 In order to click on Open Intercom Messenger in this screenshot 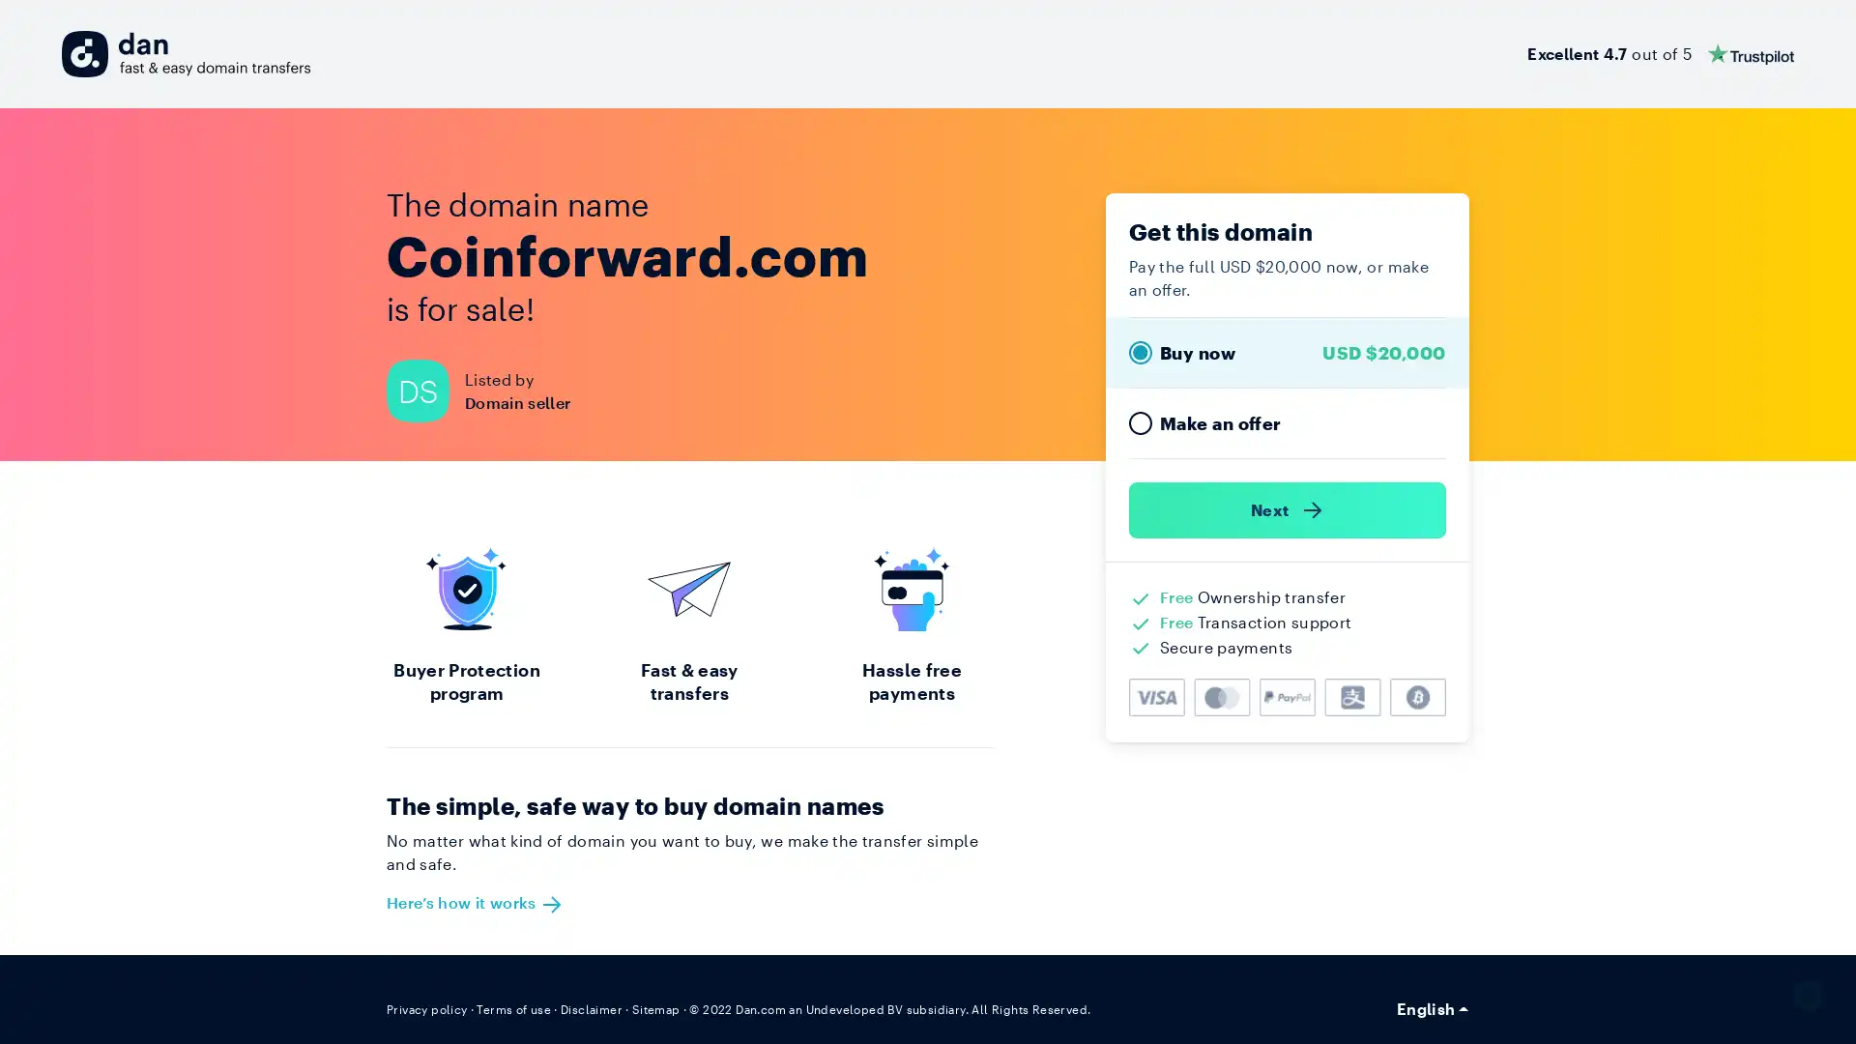, I will do `click(1807, 995)`.